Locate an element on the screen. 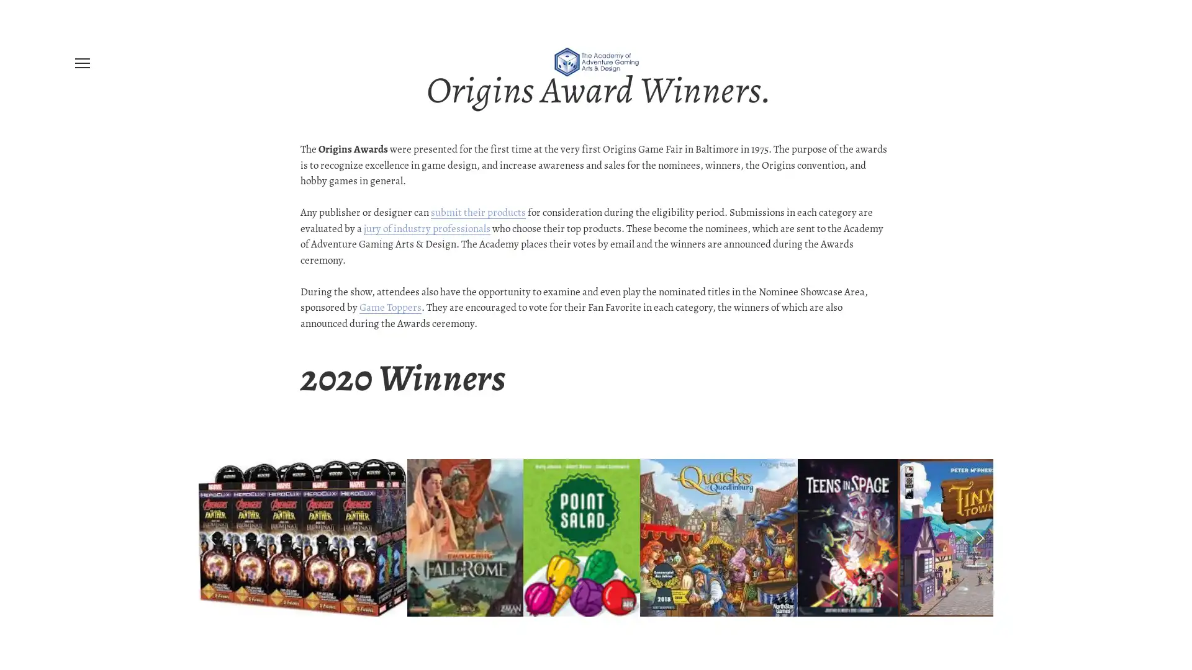  Next Slide is located at coordinates (979, 593).